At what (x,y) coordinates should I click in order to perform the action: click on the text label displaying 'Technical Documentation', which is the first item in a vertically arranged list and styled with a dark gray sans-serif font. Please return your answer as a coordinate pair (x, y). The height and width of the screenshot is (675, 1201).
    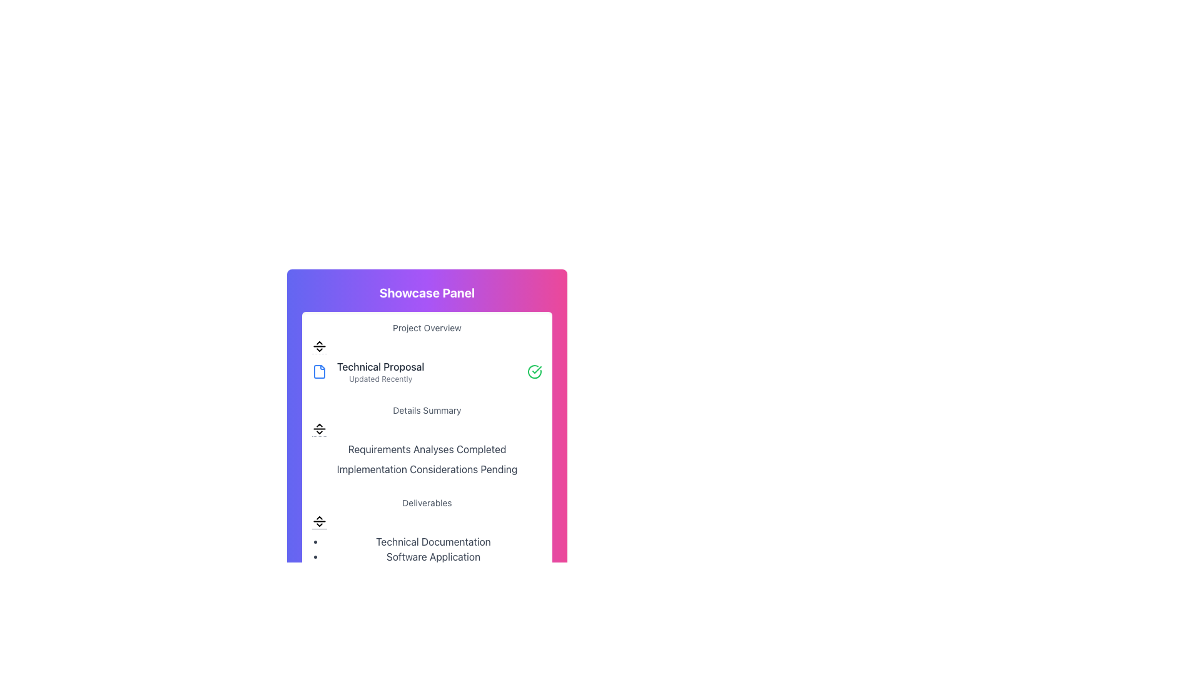
    Looking at the image, I should click on (433, 541).